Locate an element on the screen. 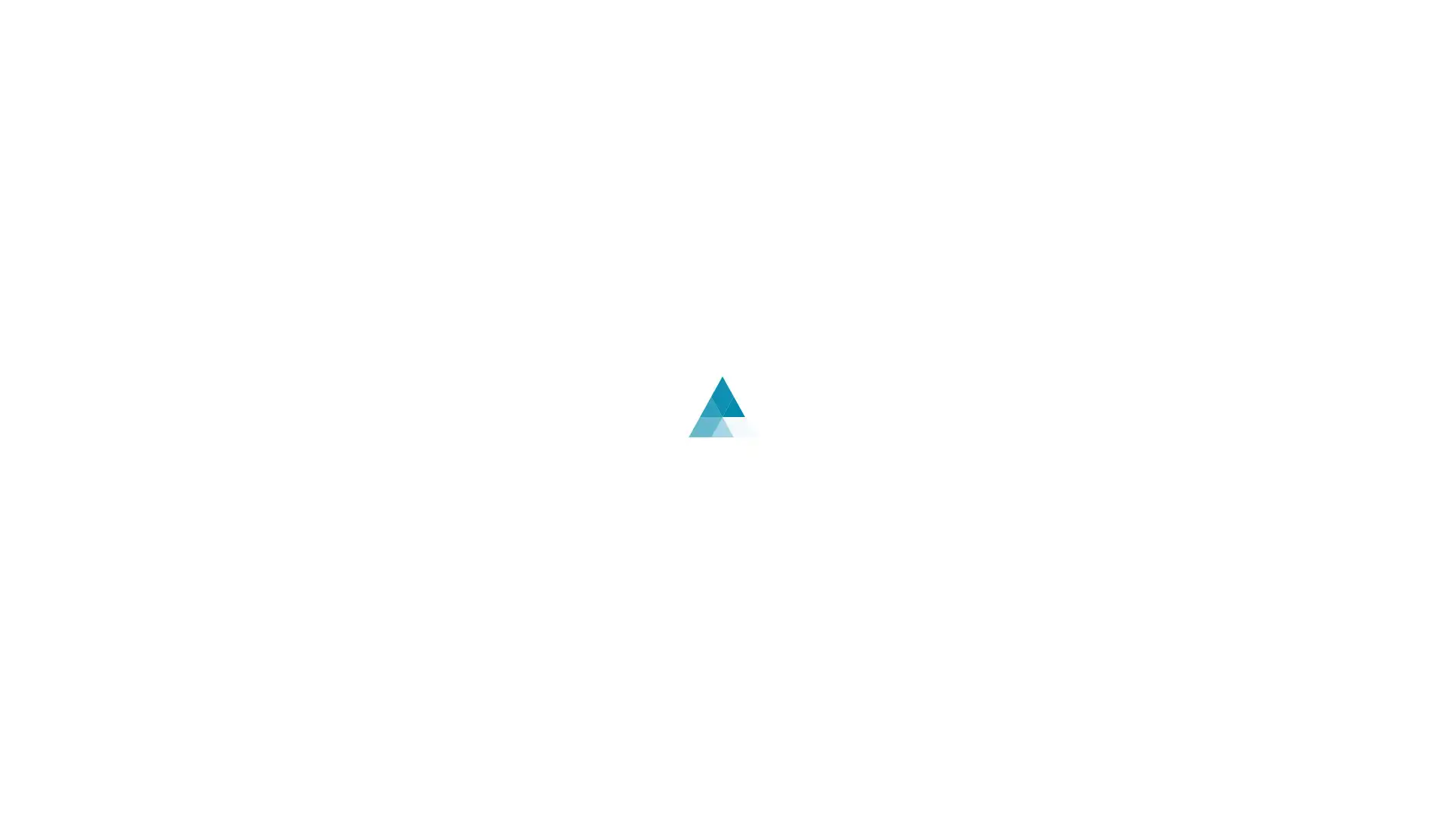 The image size is (1445, 813). Log In is located at coordinates (574, 496).